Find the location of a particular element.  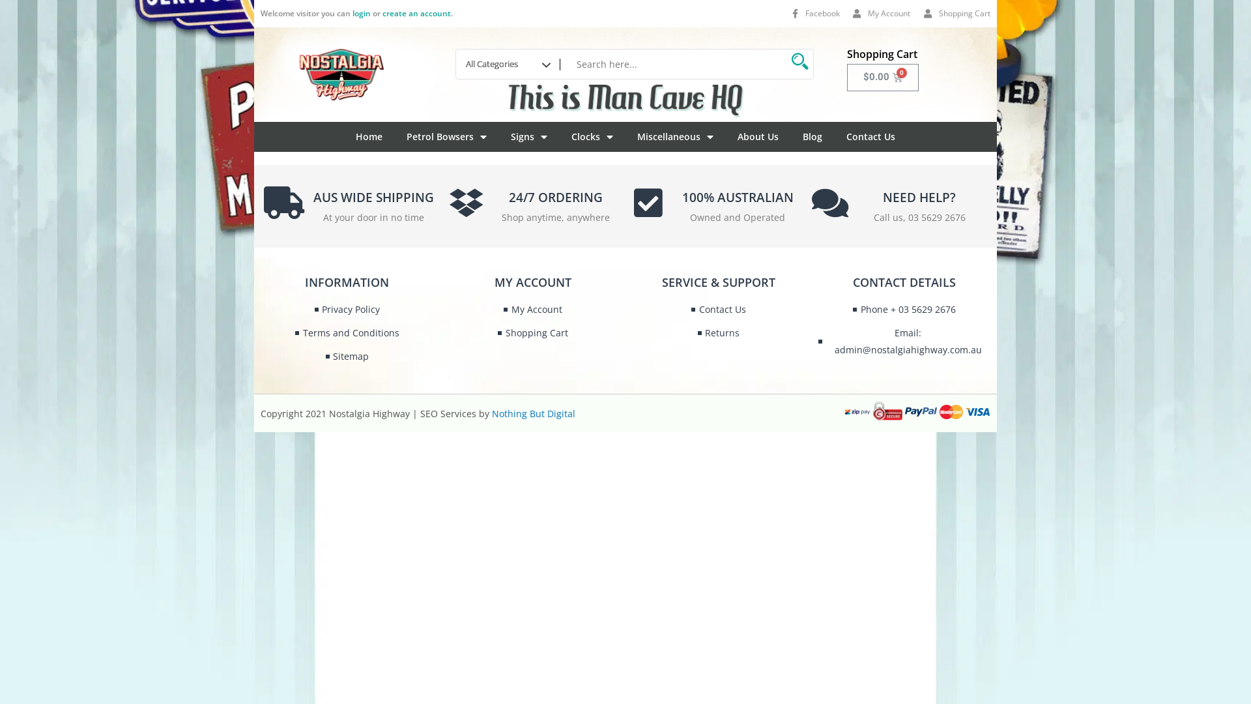

'NEED HELP?' is located at coordinates (919, 198).